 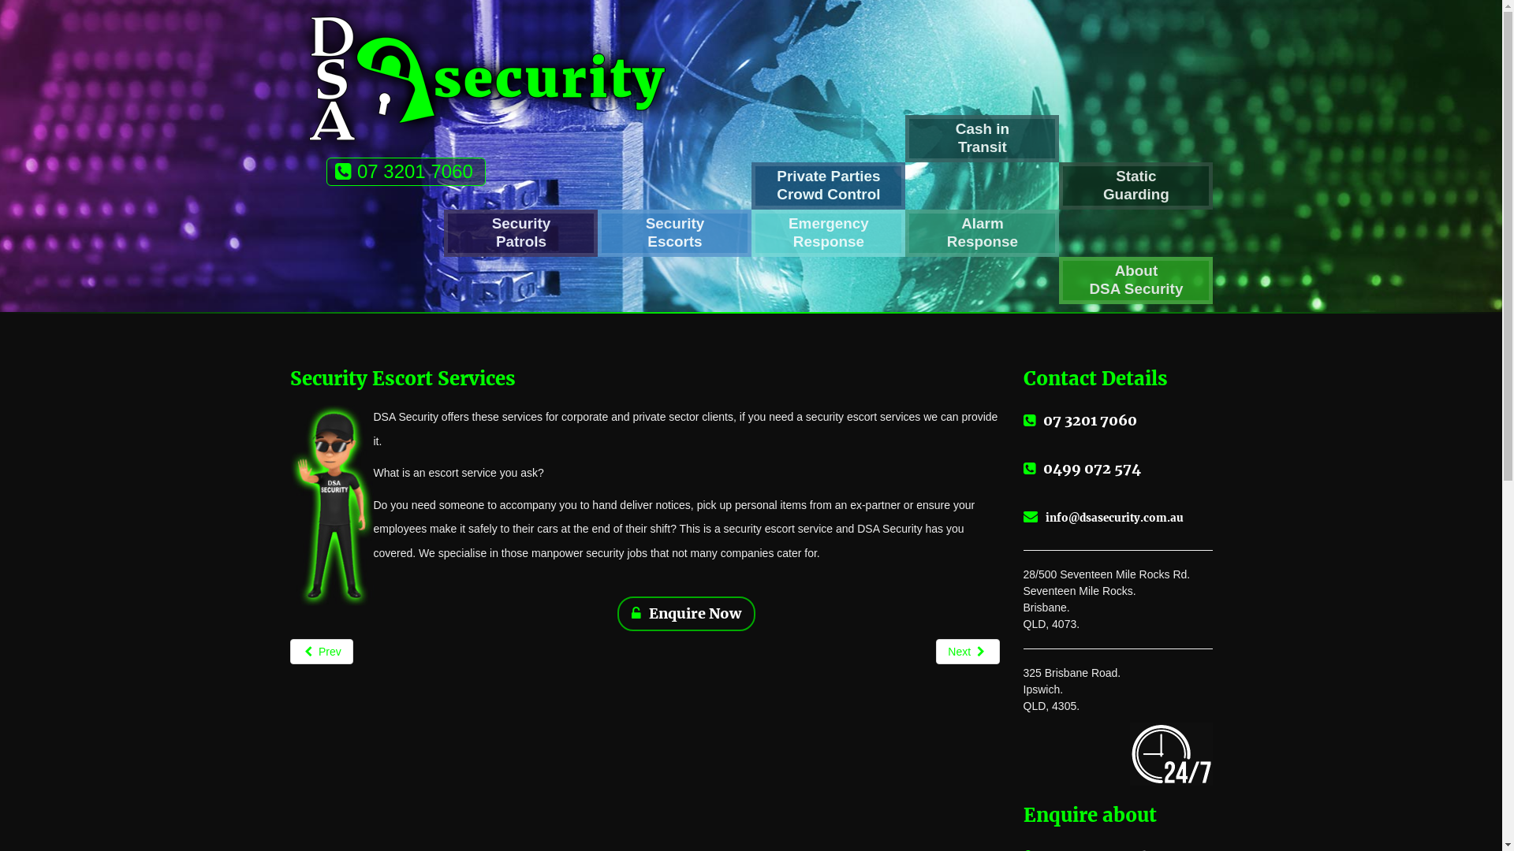 I want to click on 'Private Parties, so click(x=827, y=184).